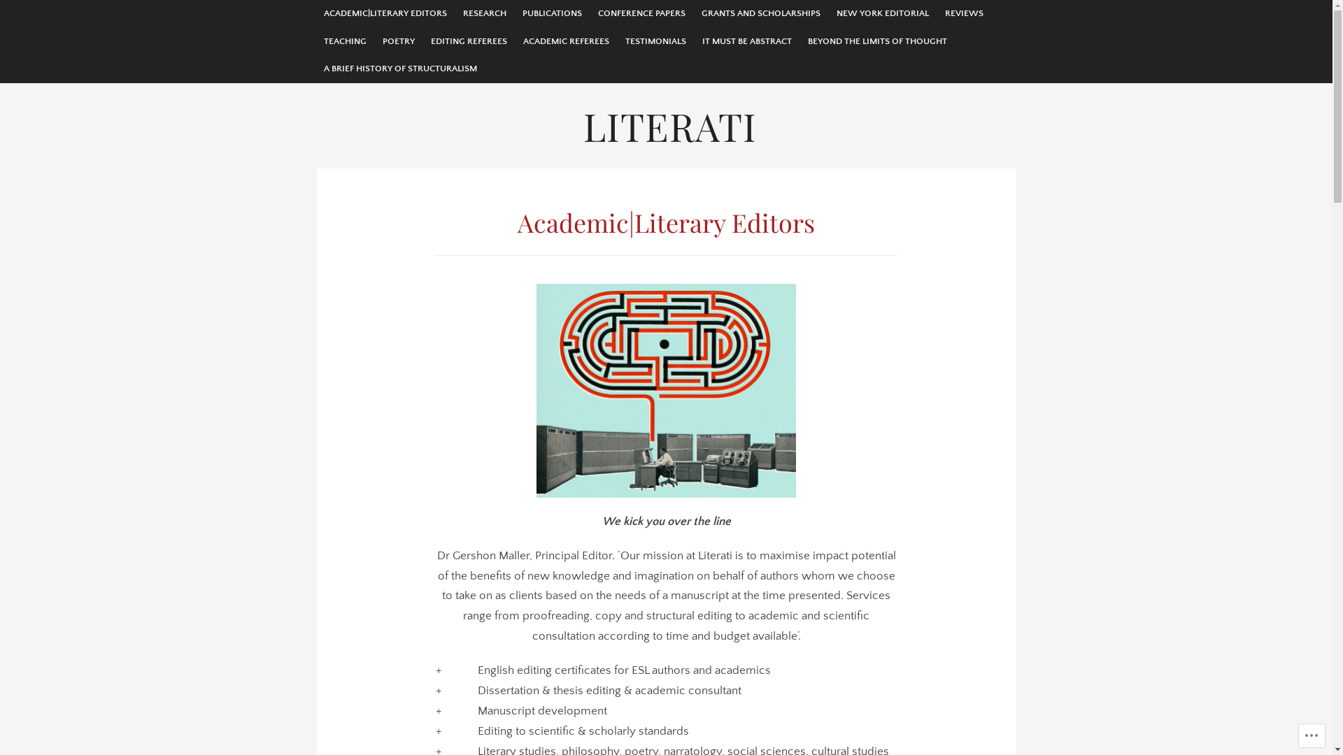 The height and width of the screenshot is (755, 1343). Describe the element at coordinates (759, 13) in the screenshot. I see `'GRANTS AND SCHOLARSHIPS'` at that location.